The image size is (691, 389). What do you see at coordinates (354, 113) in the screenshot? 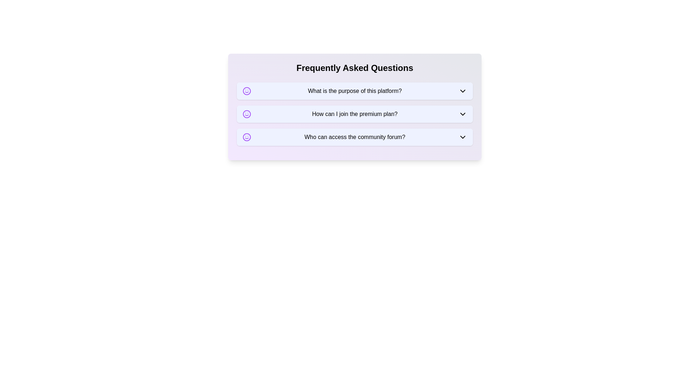
I see `the second collapsible section header in the FAQ section` at bounding box center [354, 113].